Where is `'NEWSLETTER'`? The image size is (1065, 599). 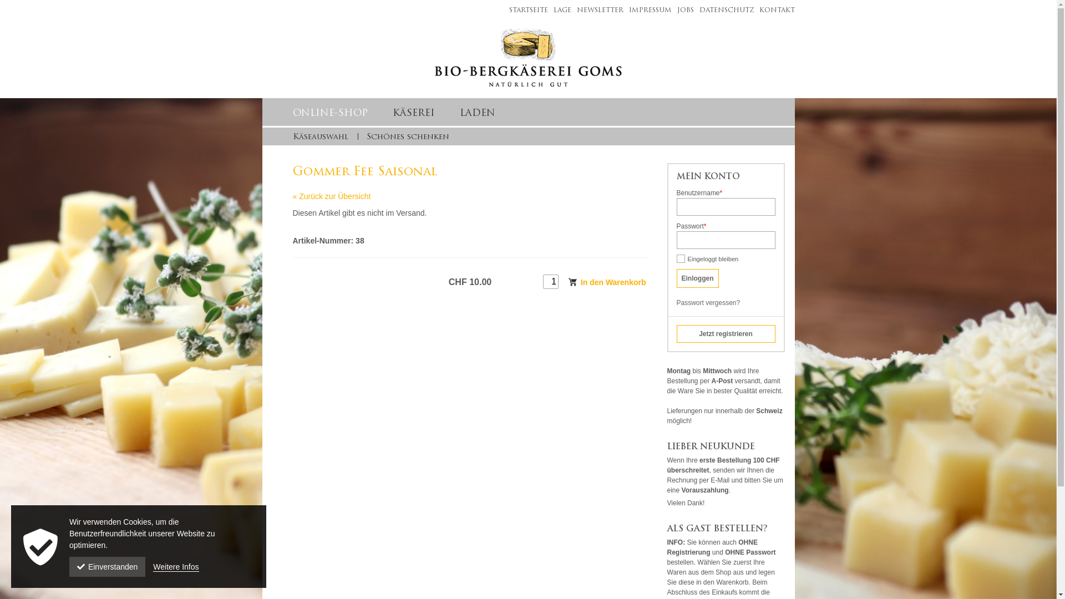
'NEWSLETTER' is located at coordinates (596, 11).